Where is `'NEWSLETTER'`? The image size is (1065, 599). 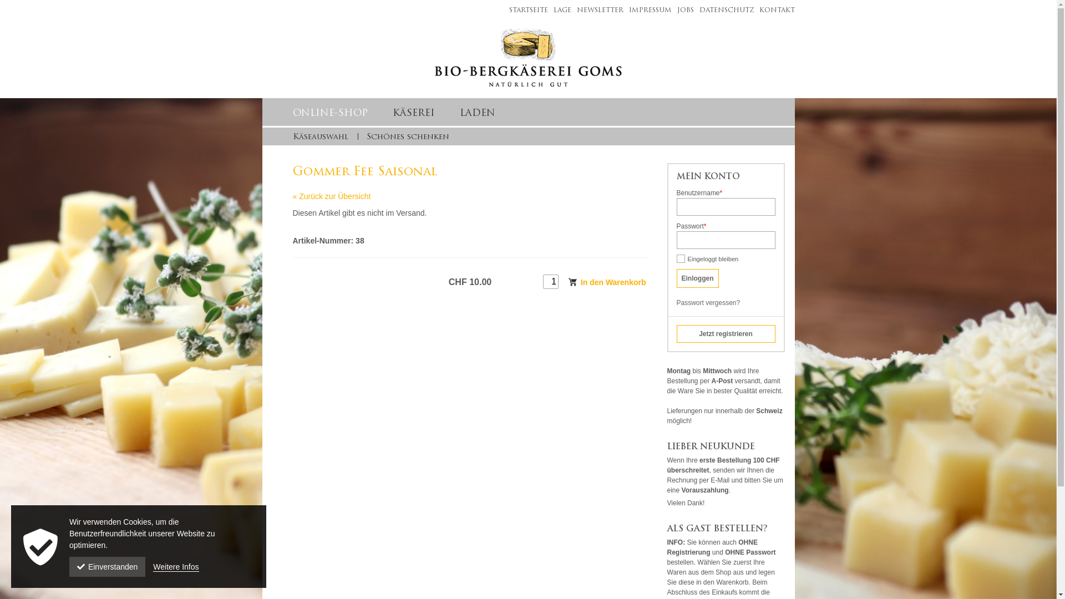
'NEWSLETTER' is located at coordinates (596, 11).